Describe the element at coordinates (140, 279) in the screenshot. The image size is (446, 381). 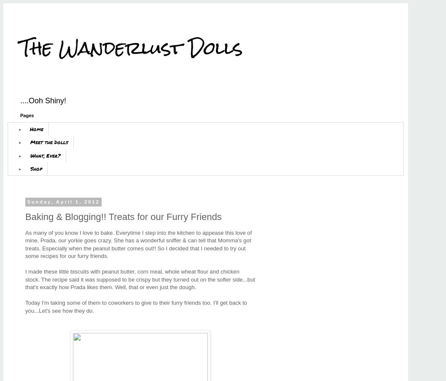
I see `'I made these little biscuits with peanut butter, corn meal, whole wheat flour and chicken stock. The recipe said it was supposed to be crispy but they turned out on the softer side...but that's exactly how Prada likes them. Well, that or even just the dough.'` at that location.